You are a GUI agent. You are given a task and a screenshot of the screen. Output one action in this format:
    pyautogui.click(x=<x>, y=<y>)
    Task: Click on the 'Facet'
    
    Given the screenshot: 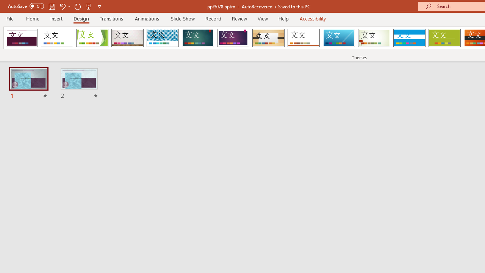 What is the action you would take?
    pyautogui.click(x=92, y=38)
    